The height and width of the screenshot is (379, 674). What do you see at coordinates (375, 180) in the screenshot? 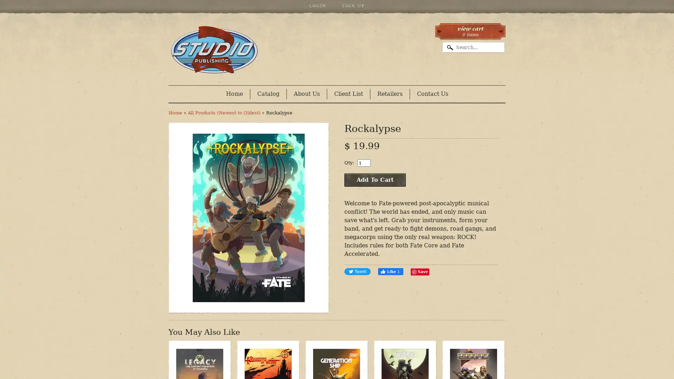
I see `Add To Cart` at bounding box center [375, 180].